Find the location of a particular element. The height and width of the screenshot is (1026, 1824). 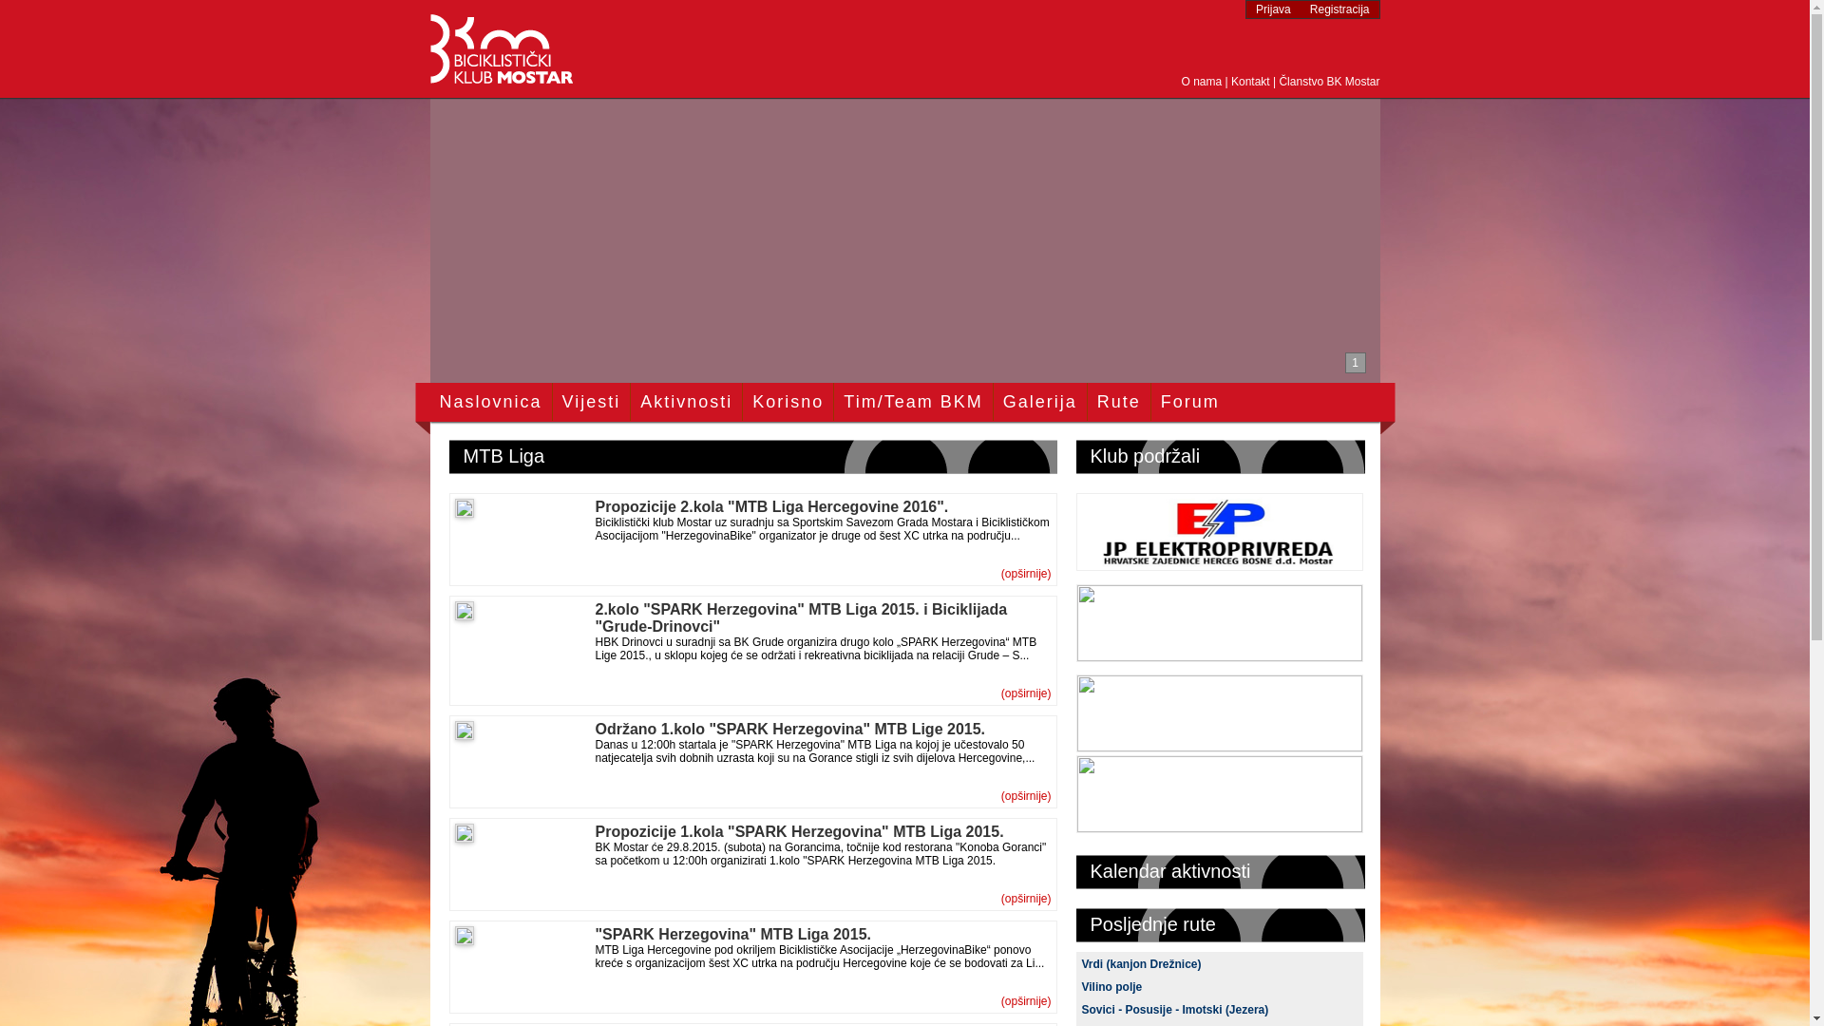

'O nama' is located at coordinates (1200, 80).